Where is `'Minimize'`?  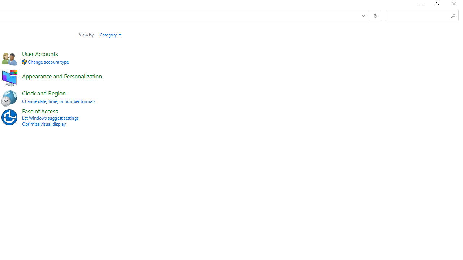 'Minimize' is located at coordinates (420, 5).